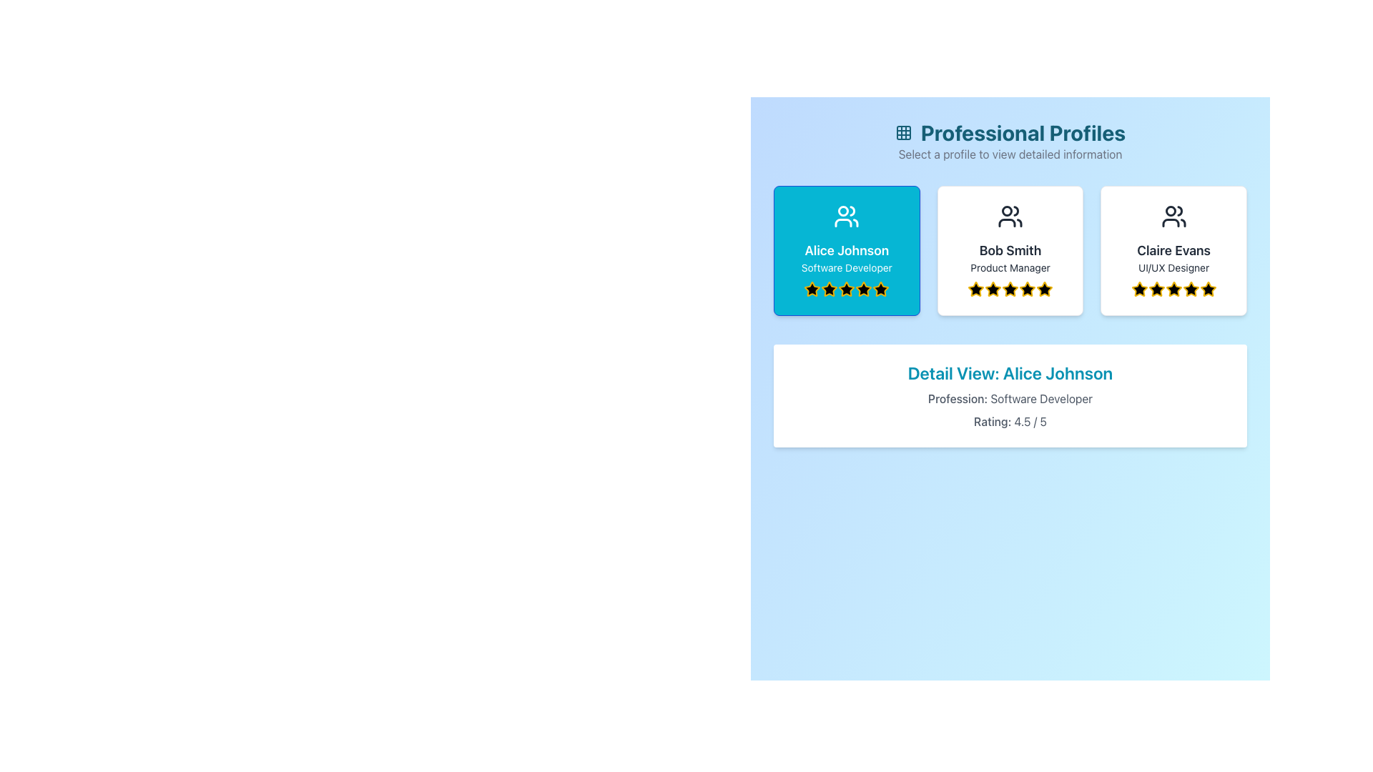 The width and height of the screenshot is (1373, 772). I want to click on text label displaying 'UI/UX Designer' located within Claire Evans' profile card, positioned below her name and above the rating stars, so click(1173, 267).